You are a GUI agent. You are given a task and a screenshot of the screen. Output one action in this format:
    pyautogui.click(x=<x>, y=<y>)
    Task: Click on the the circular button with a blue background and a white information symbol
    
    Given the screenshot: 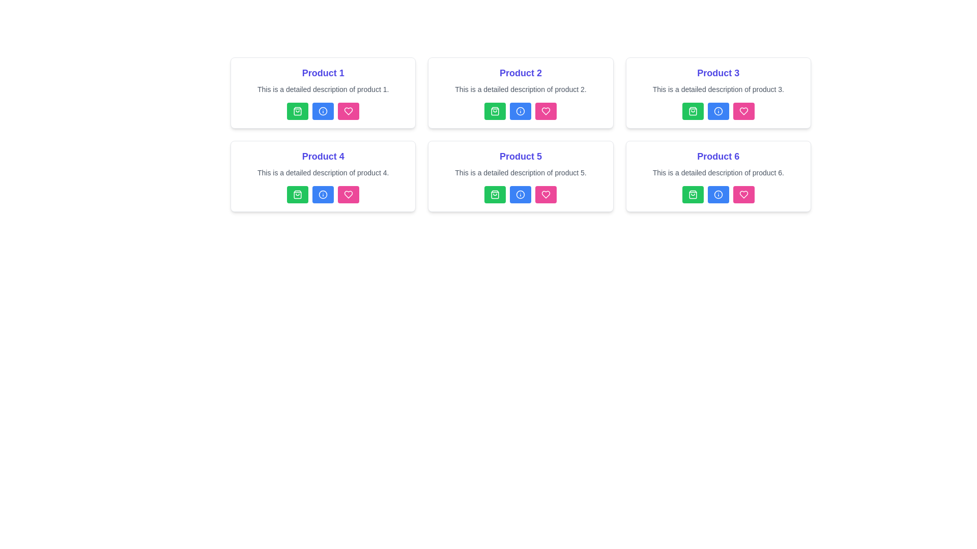 What is the action you would take?
    pyautogui.click(x=521, y=111)
    